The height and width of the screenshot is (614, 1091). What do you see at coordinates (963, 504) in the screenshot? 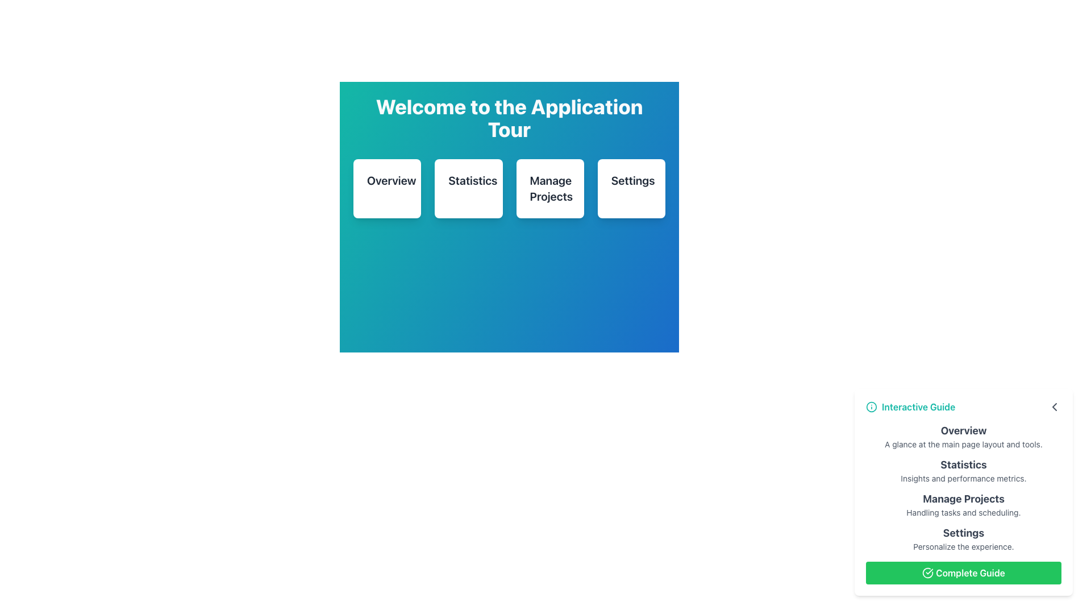
I see `the 'Manage Projects' textual information element` at bounding box center [963, 504].